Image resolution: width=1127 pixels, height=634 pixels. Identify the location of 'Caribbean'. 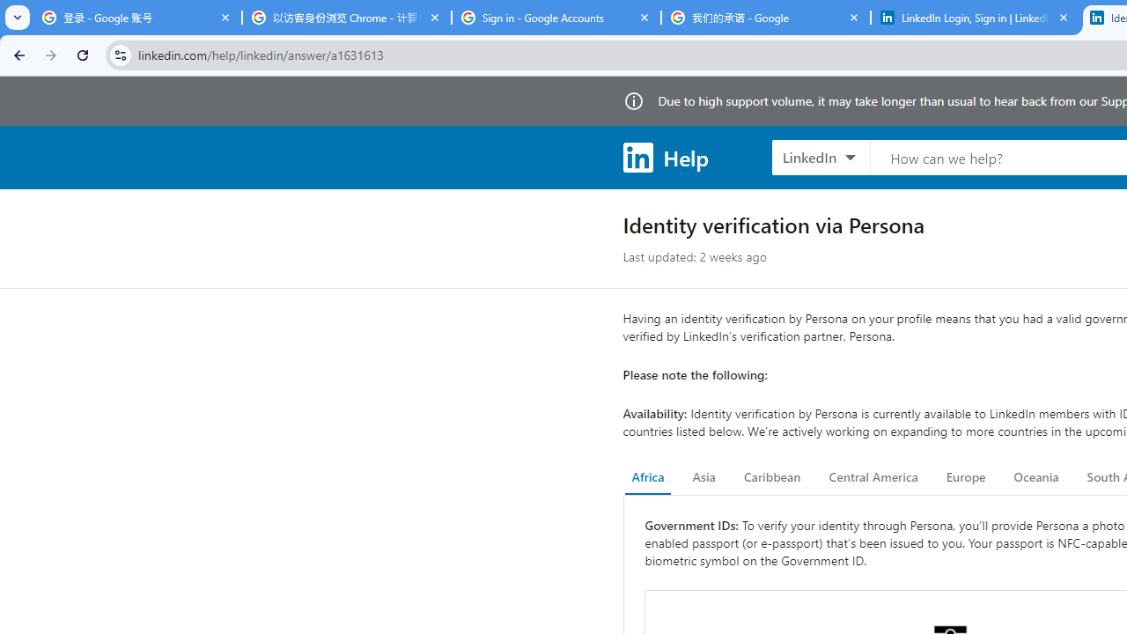
(771, 477).